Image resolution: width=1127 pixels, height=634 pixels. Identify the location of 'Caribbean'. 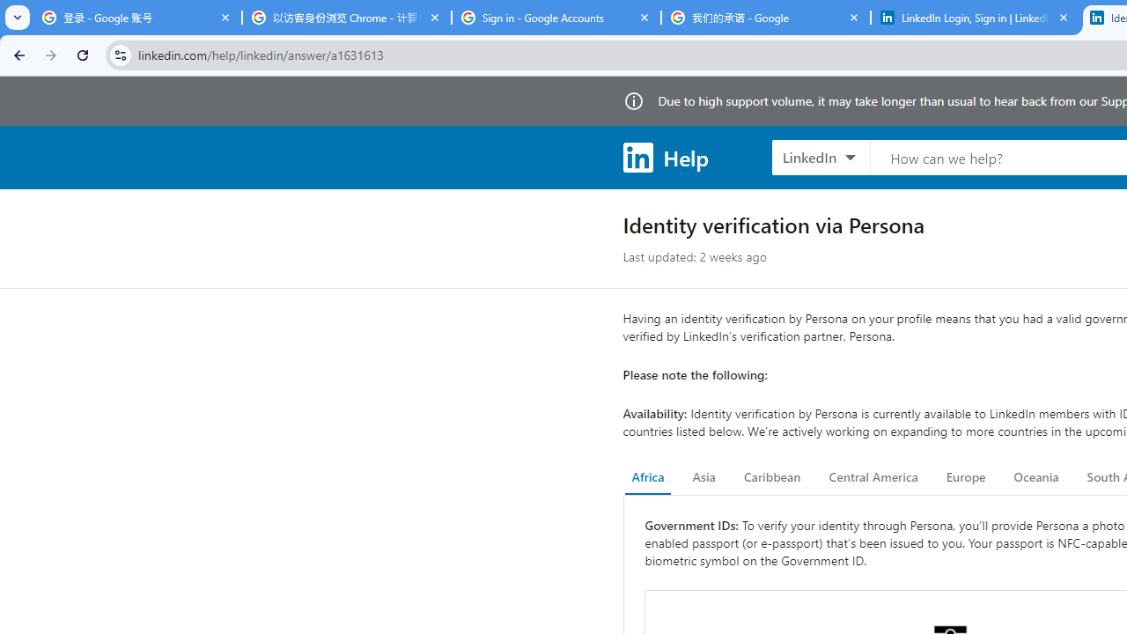
(771, 477).